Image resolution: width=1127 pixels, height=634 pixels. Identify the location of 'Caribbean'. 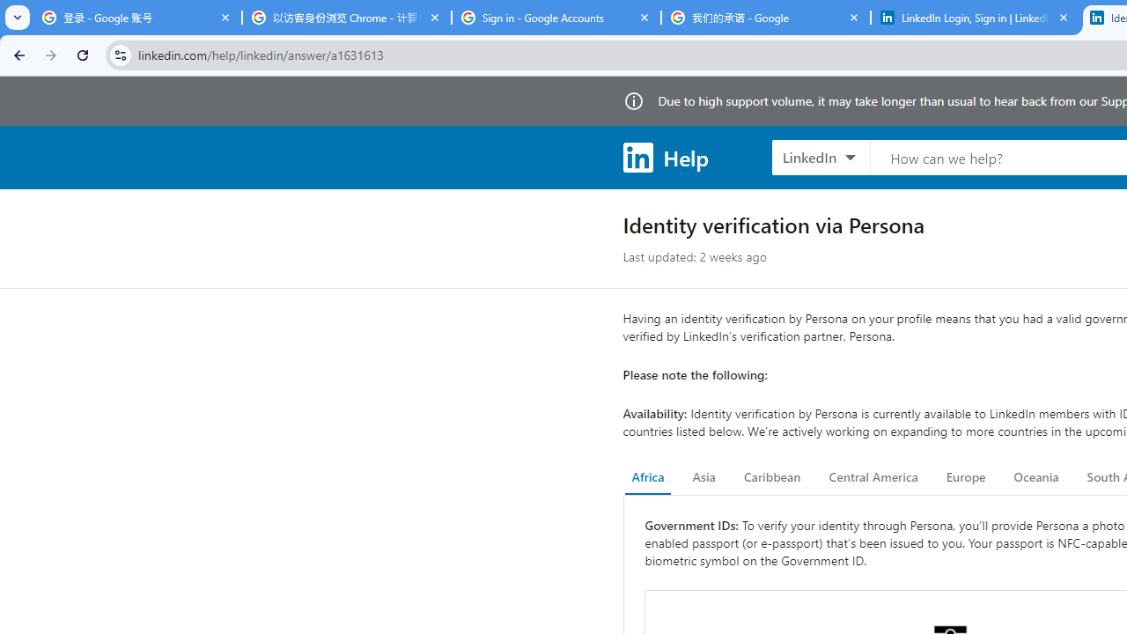
(771, 477).